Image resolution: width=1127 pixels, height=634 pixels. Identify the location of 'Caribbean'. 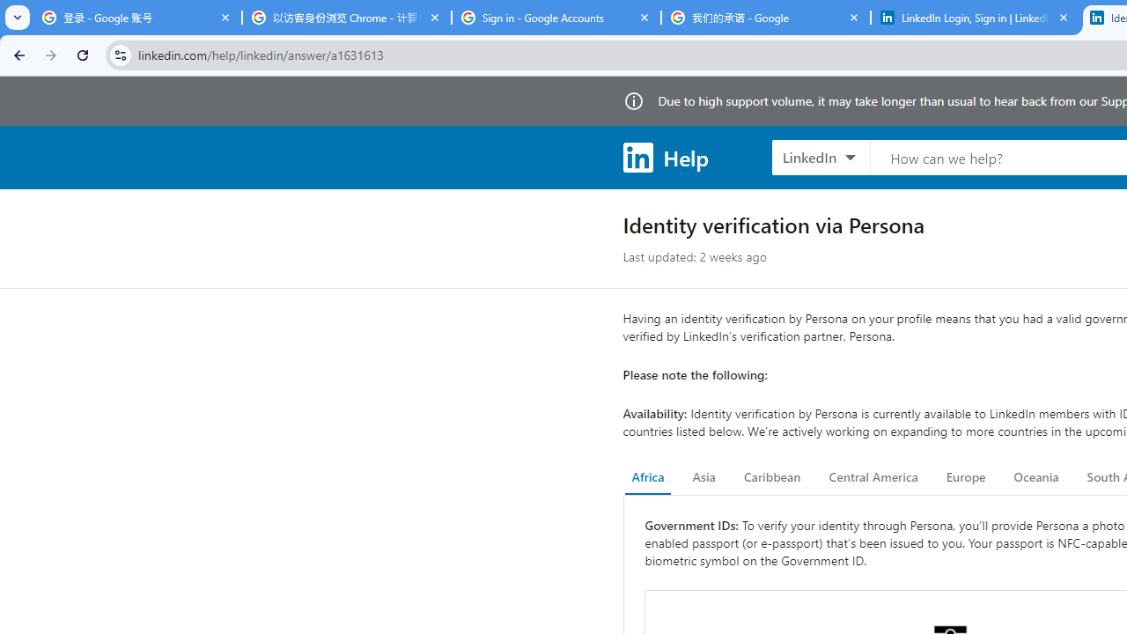
(771, 477).